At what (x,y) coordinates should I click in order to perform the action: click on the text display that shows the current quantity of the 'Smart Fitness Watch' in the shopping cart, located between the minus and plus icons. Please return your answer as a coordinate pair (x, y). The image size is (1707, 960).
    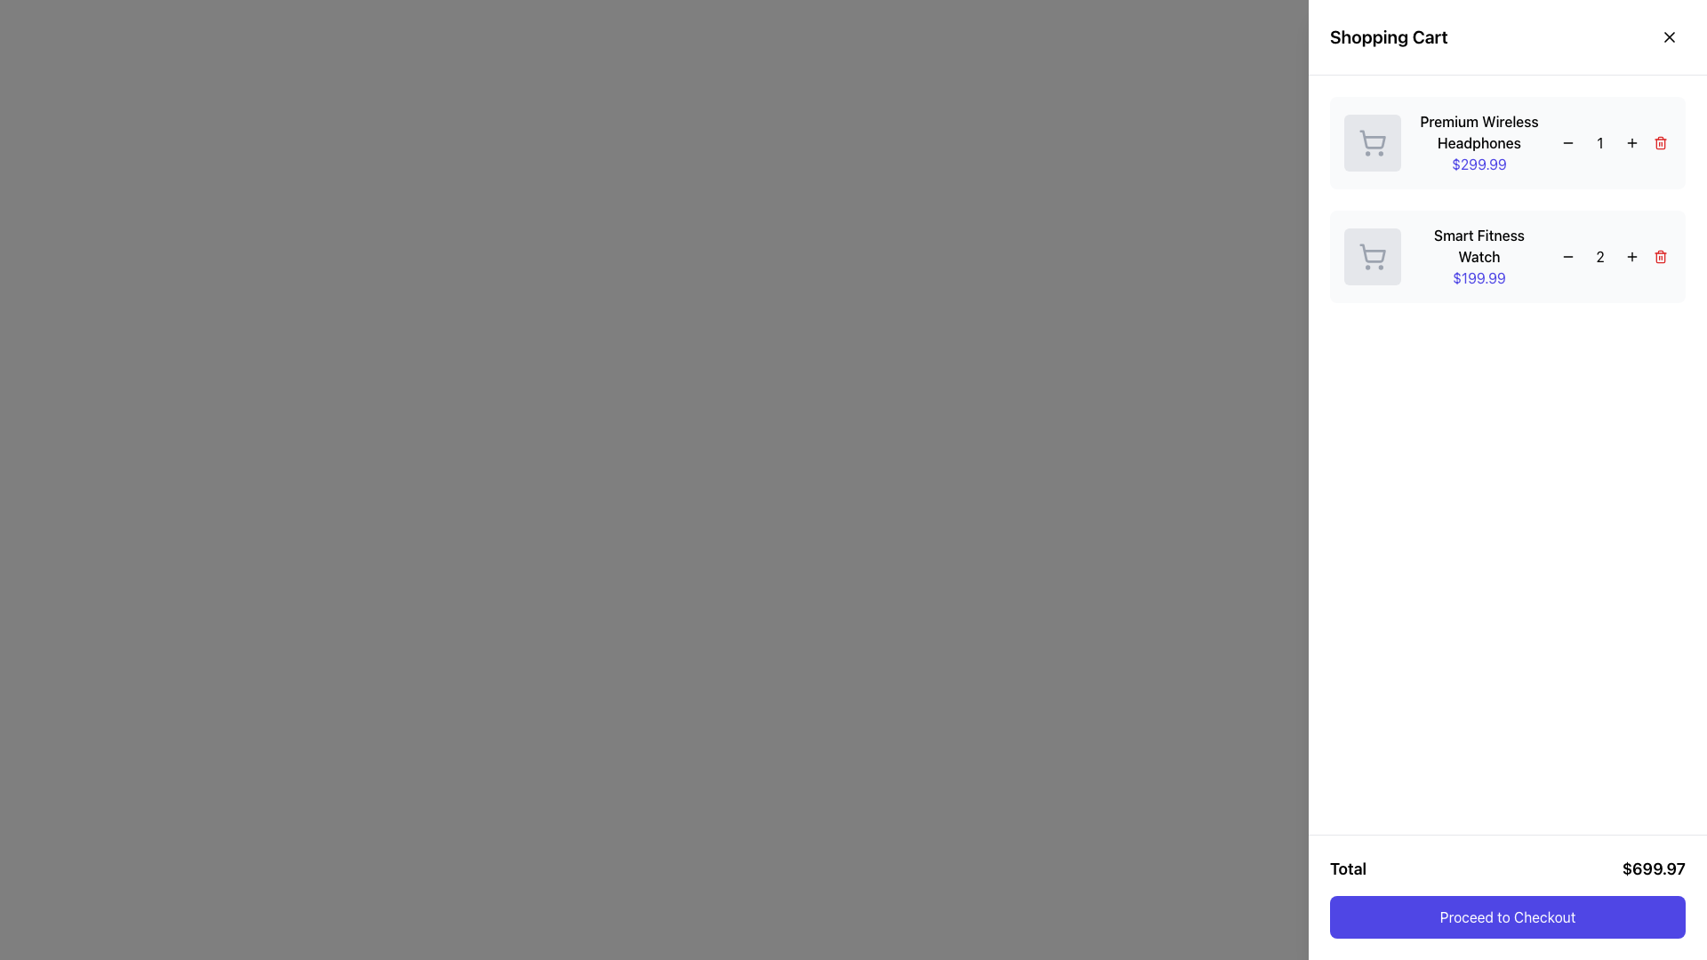
    Looking at the image, I should click on (1600, 257).